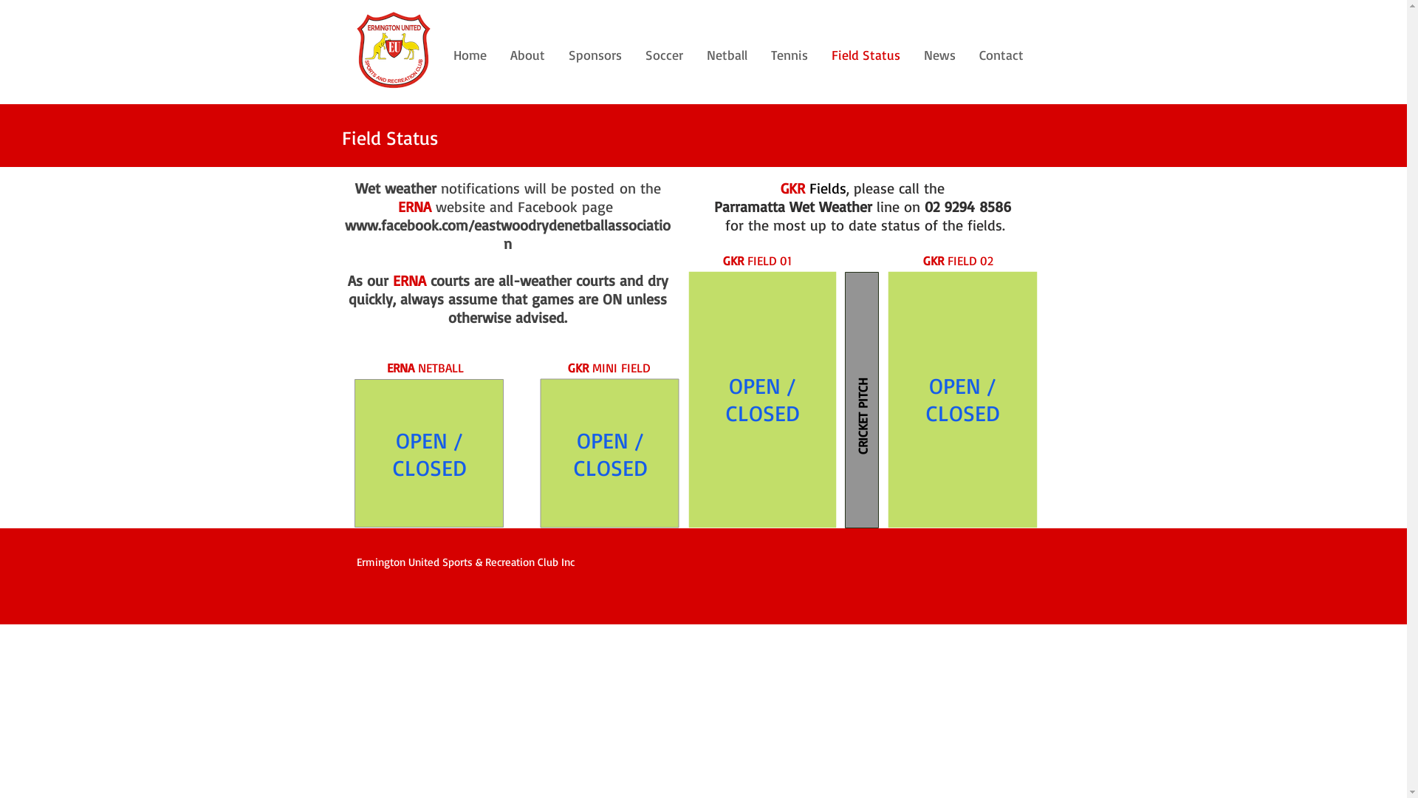  I want to click on 'Netball', so click(727, 54).